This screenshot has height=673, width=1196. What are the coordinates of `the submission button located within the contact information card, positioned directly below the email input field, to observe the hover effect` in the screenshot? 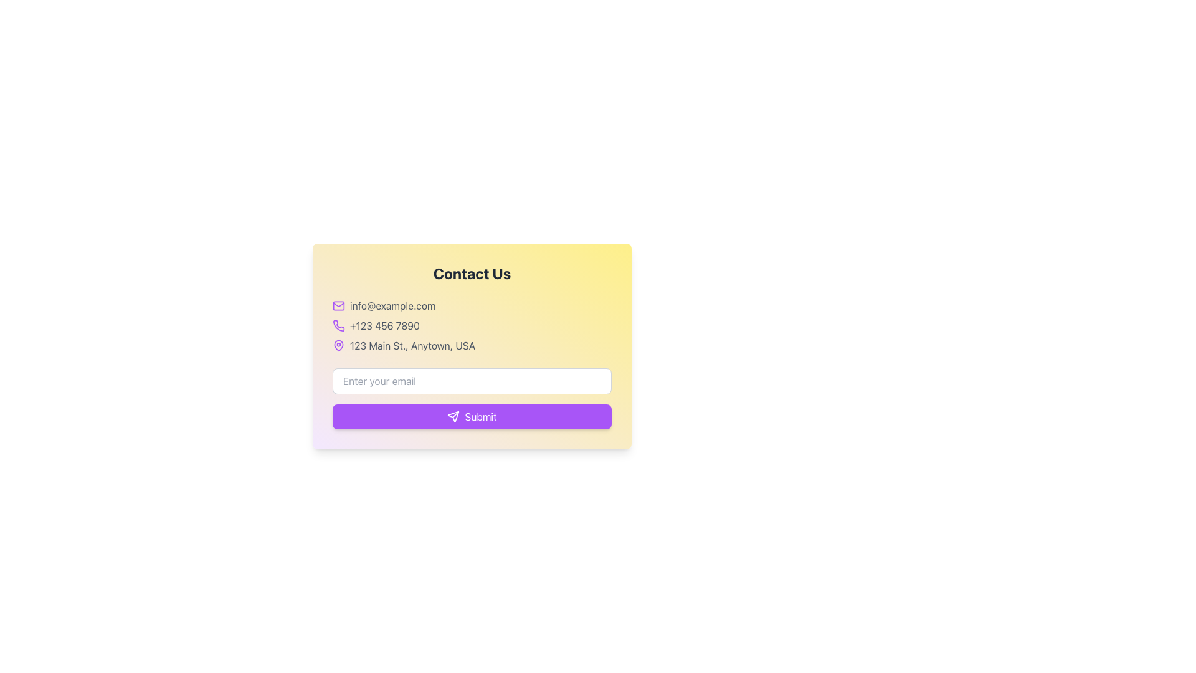 It's located at (472, 416).